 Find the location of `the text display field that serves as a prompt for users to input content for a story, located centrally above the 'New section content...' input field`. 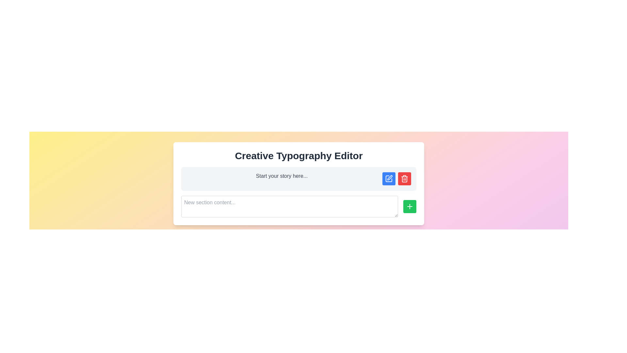

the text display field that serves as a prompt for users to input content for a story, located centrally above the 'New section content...' input field is located at coordinates (282, 176).